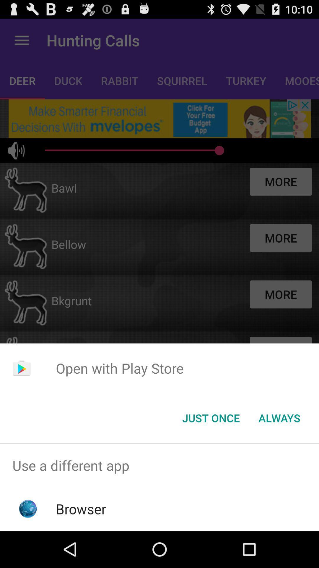 The image size is (319, 568). I want to click on browser icon, so click(81, 509).